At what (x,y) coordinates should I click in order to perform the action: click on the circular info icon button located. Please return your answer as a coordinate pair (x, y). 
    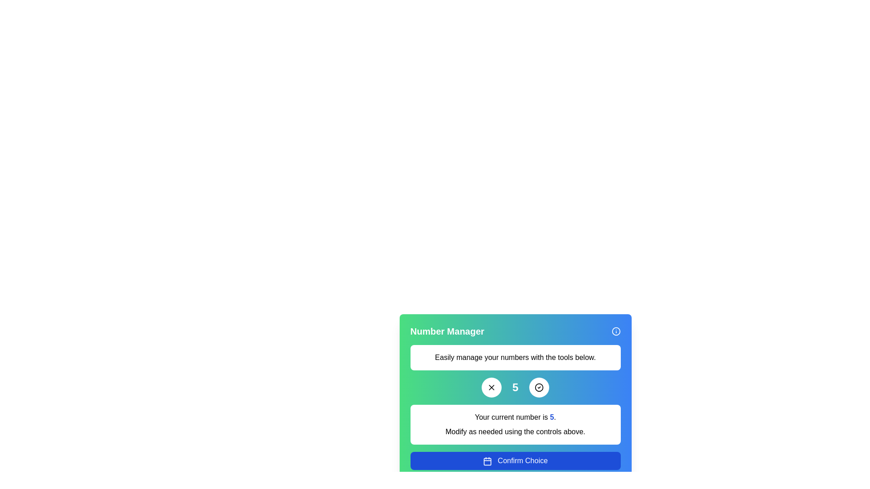
    Looking at the image, I should click on (616, 331).